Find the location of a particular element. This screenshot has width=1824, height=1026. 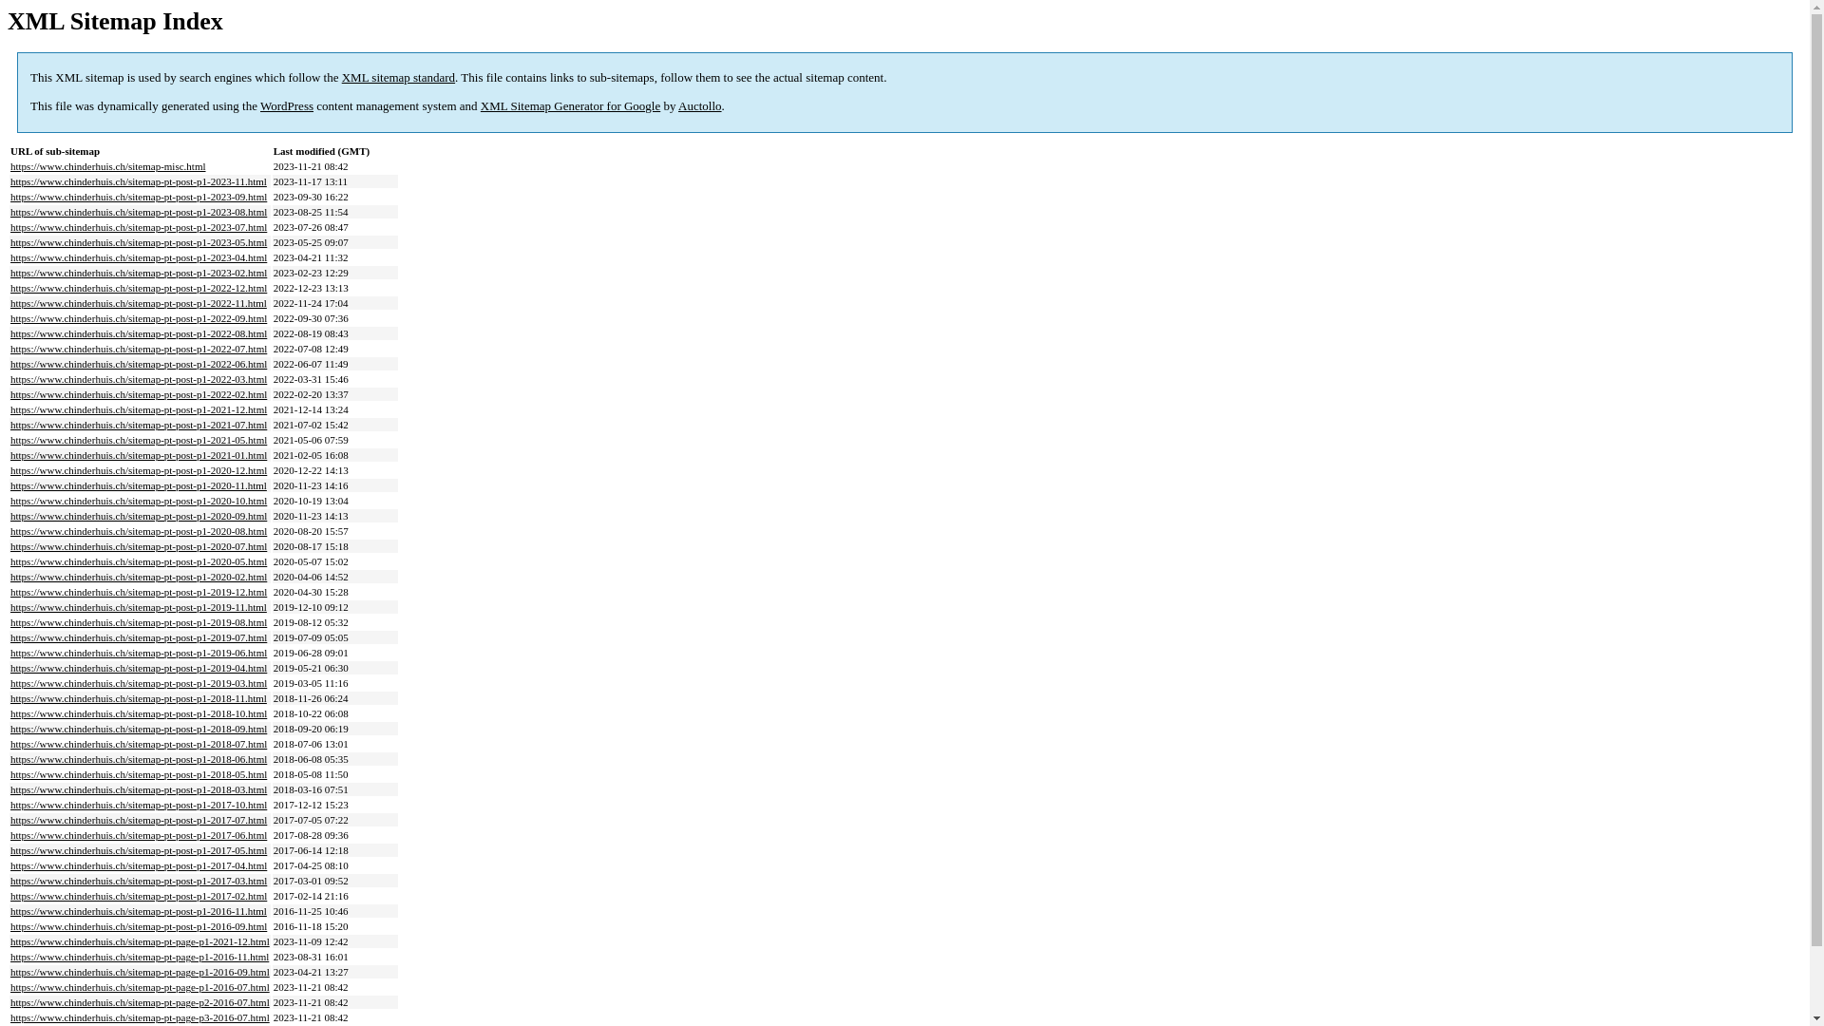

'https://www.chinderhuis.ch/sitemap-pt-post-p1-2022-02.html' is located at coordinates (137, 393).